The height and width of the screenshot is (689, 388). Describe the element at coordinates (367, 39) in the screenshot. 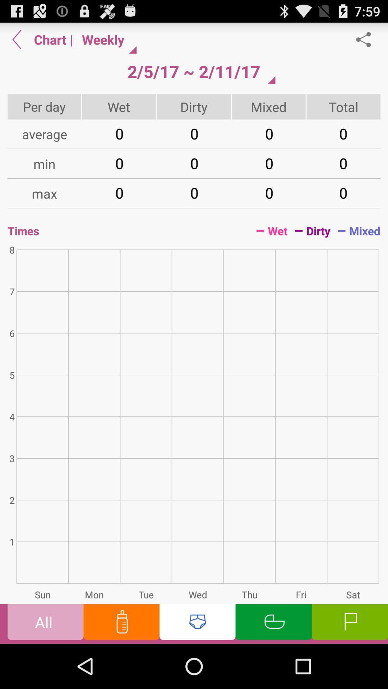

I see `the button is used to share the page to others` at that location.